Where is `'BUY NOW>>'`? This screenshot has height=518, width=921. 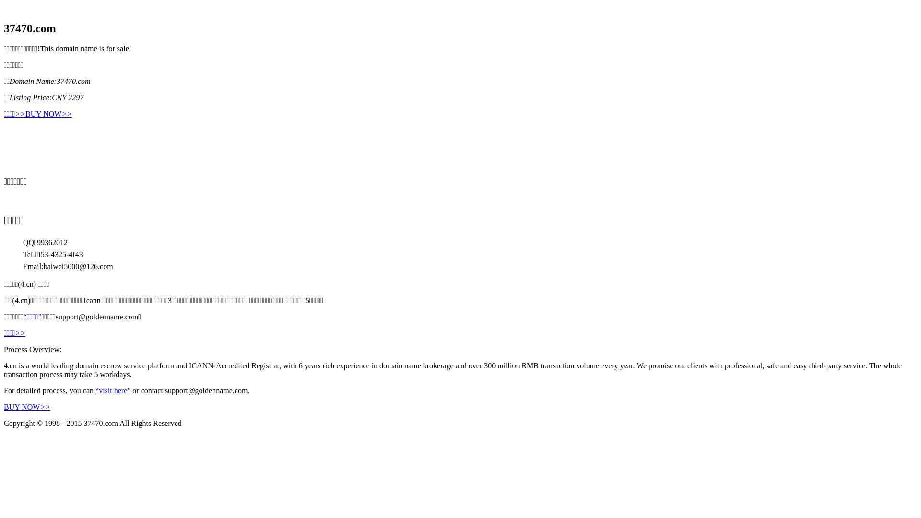 'BUY NOW>>' is located at coordinates (27, 407).